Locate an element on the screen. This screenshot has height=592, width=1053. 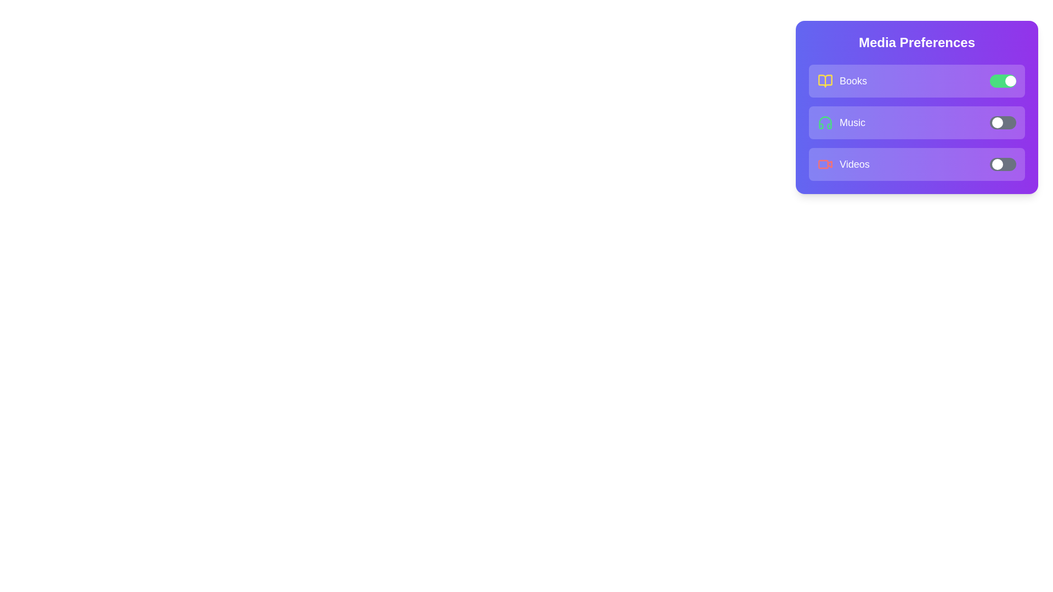
the toggle switch to change the activation state for the 'Videos' preference, located to the right of the 'Videos' label is located at coordinates (1003, 164).